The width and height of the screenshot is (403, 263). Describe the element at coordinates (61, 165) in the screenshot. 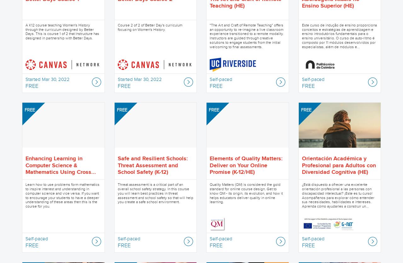

I see `'Enhancing Learning in Computer Science & Mathematics Using Cross...'` at that location.